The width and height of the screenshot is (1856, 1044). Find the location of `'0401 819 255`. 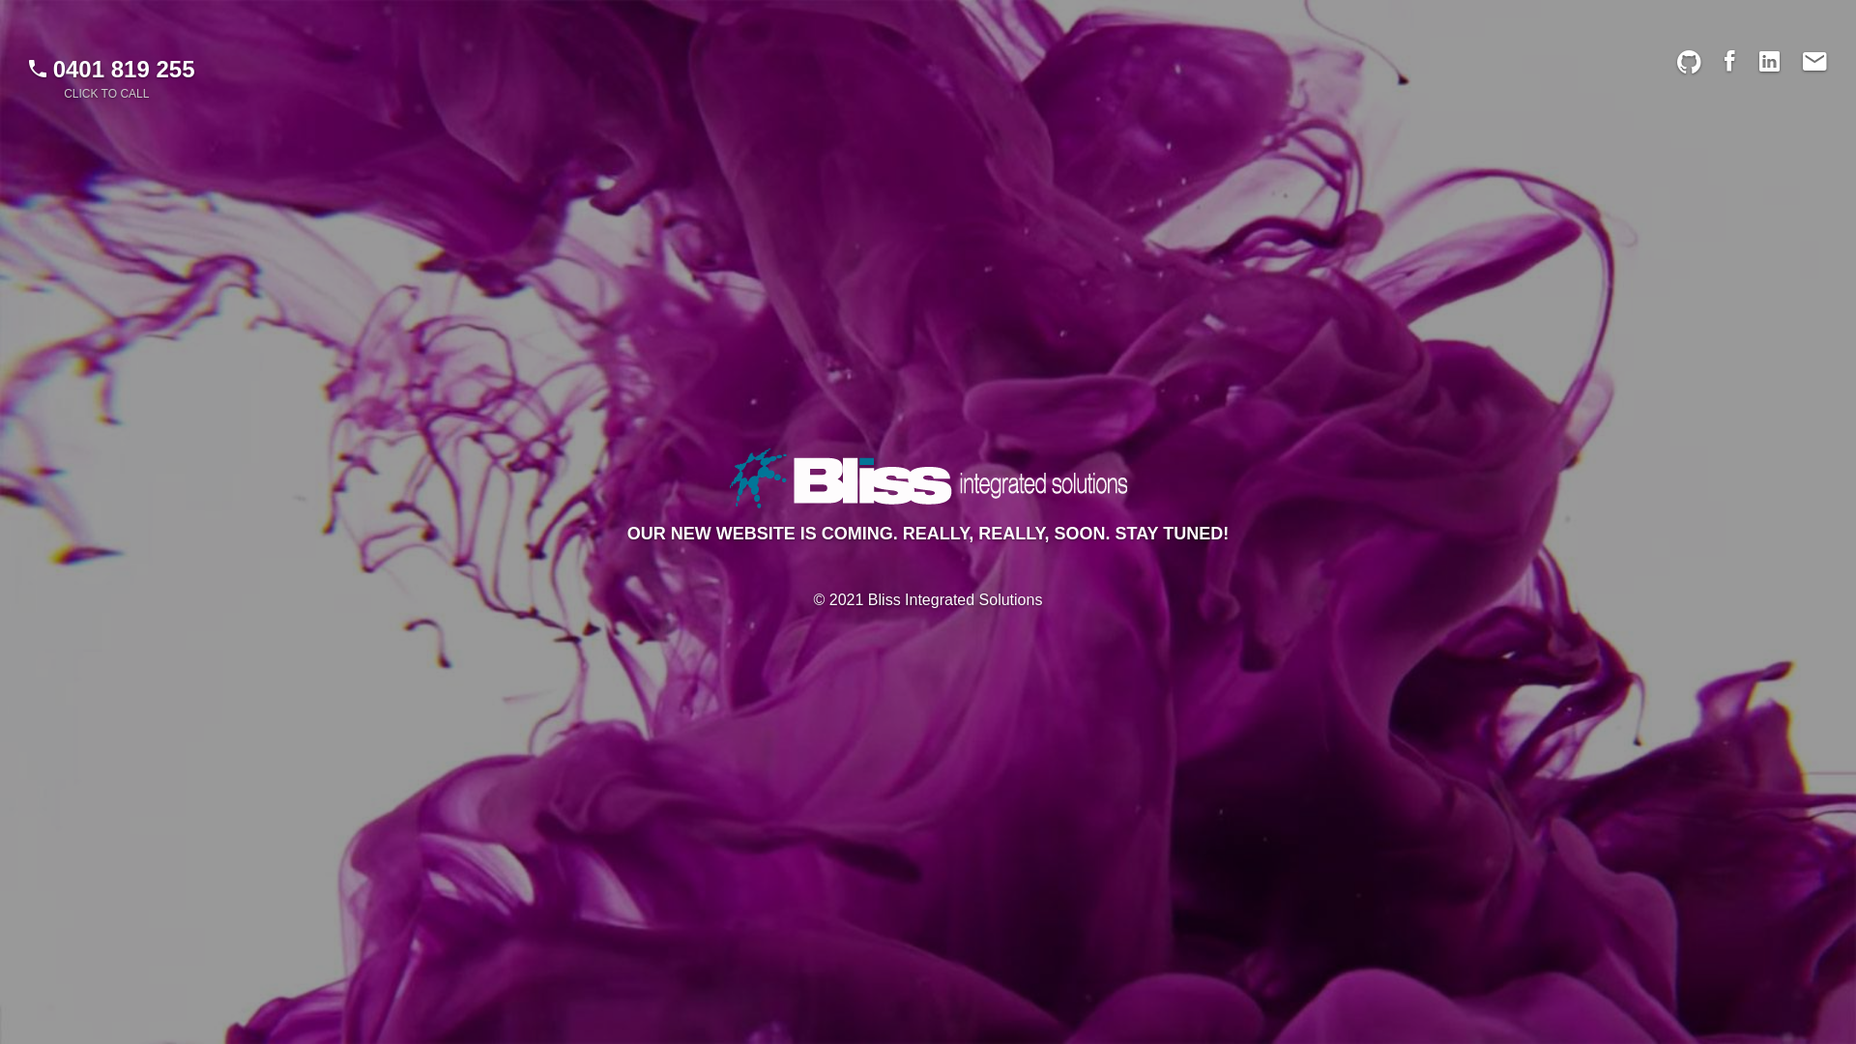

'0401 819 255 is located at coordinates (110, 76).